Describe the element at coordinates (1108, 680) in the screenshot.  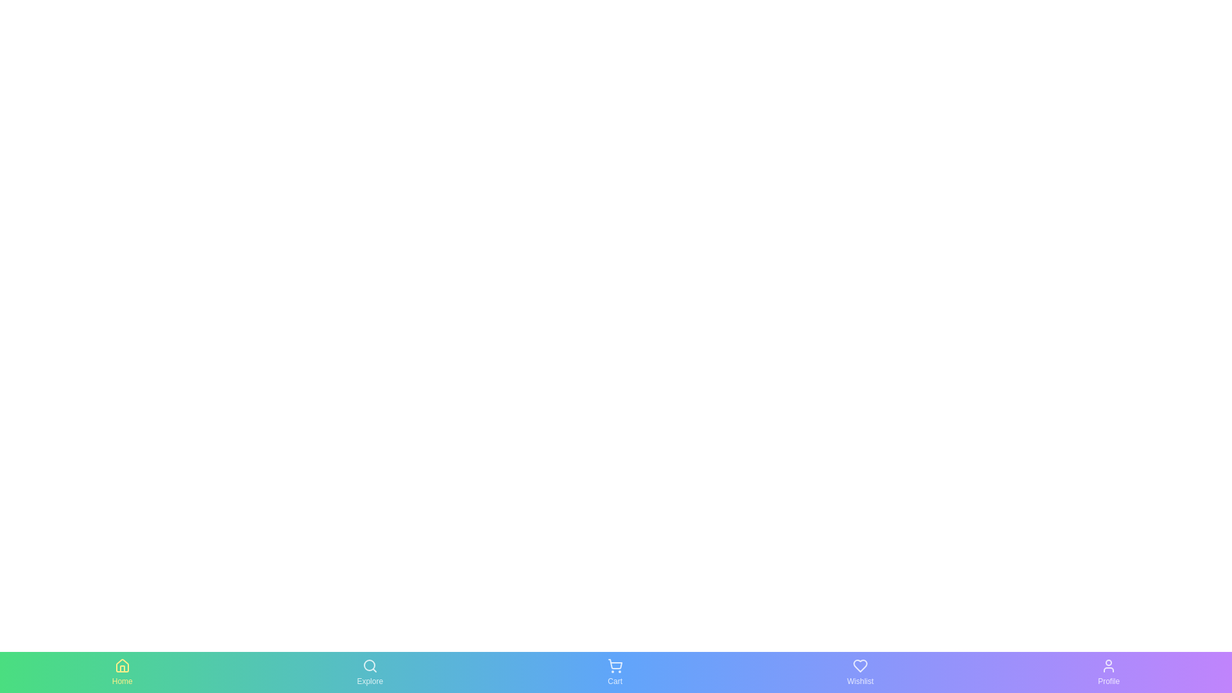
I see `the Profile text label to activate the corresponding tab` at that location.